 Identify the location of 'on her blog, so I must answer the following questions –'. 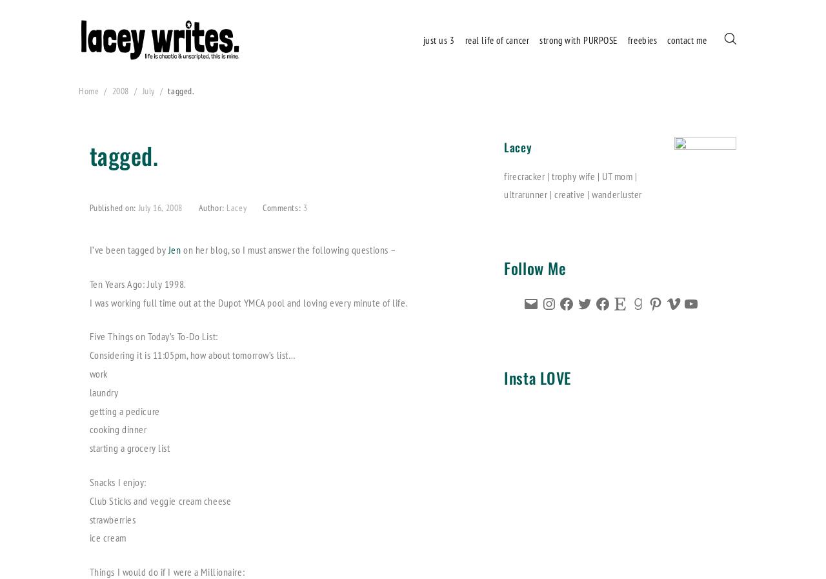
(287, 248).